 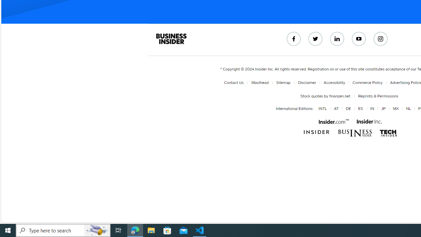 What do you see at coordinates (323, 109) in the screenshot?
I see `'INTL'` at bounding box center [323, 109].